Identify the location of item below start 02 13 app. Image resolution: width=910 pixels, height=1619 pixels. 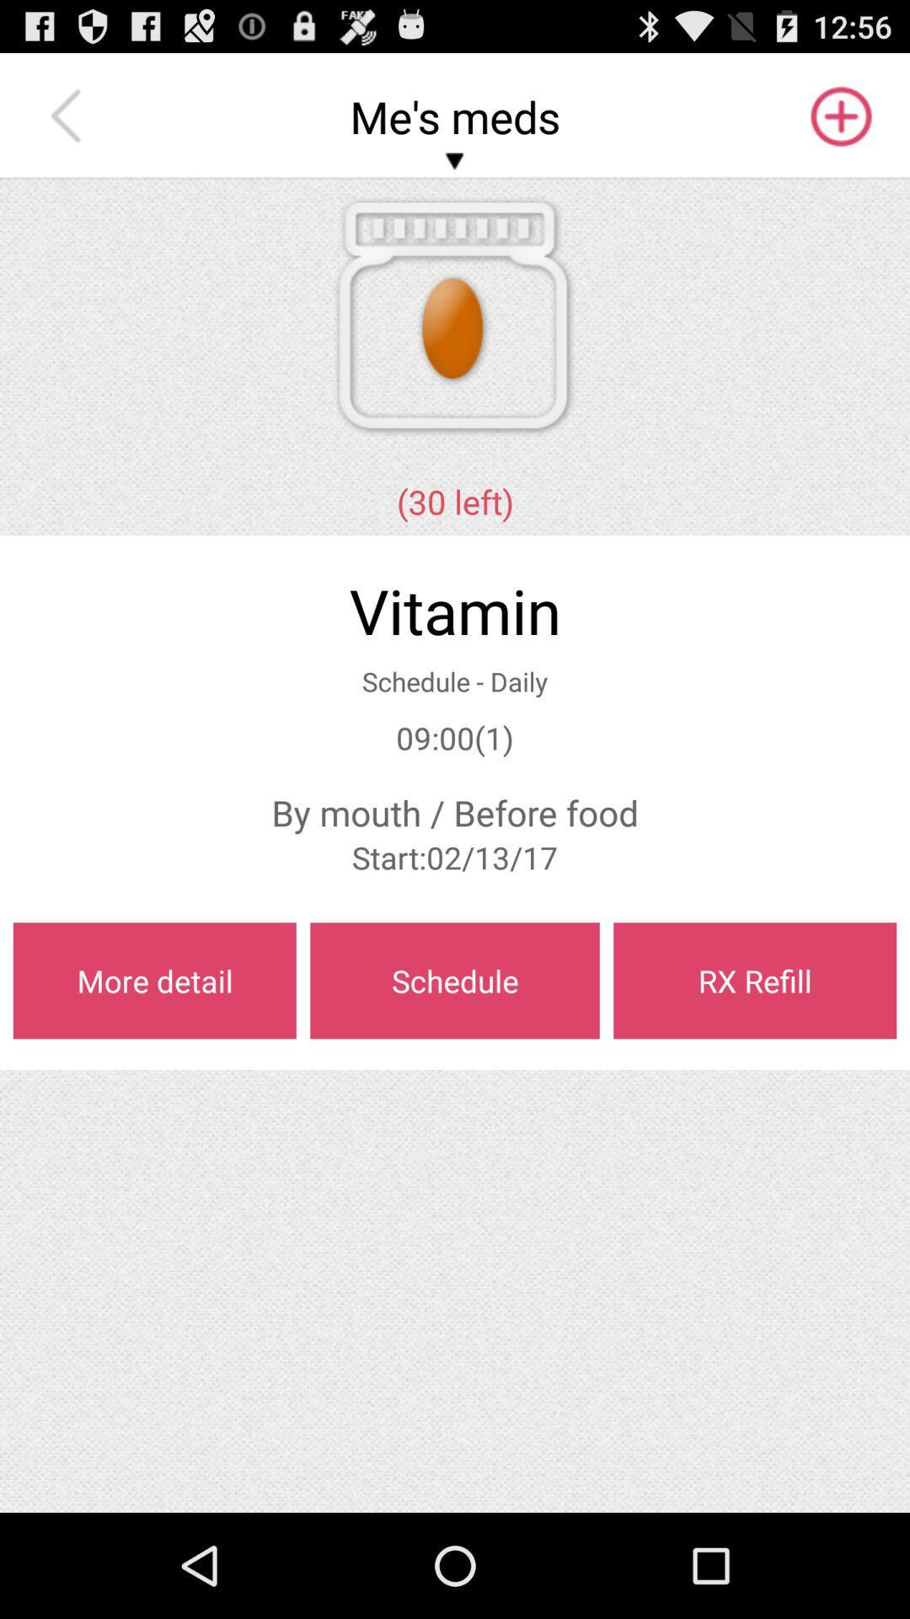
(754, 981).